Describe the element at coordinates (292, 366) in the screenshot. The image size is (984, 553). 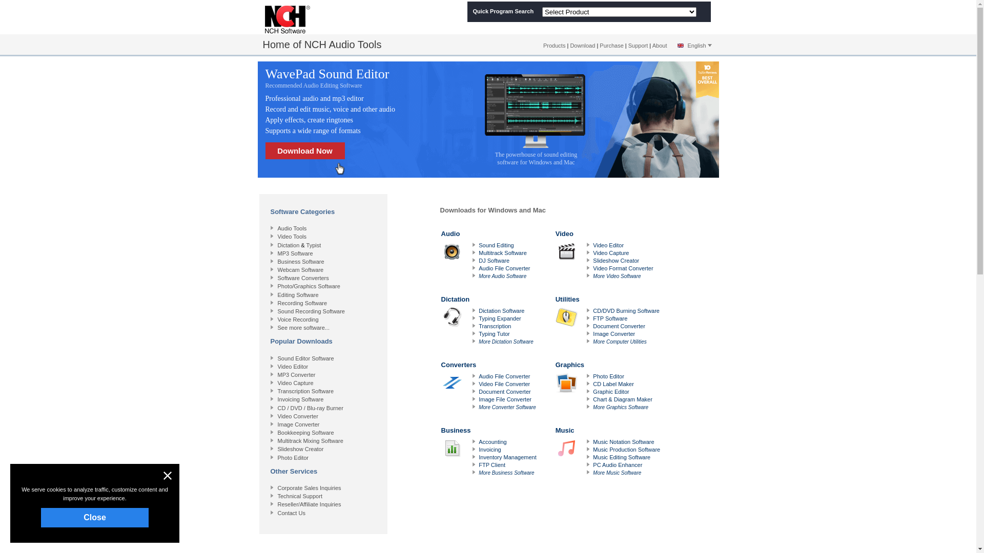
I see `'Video Editor'` at that location.